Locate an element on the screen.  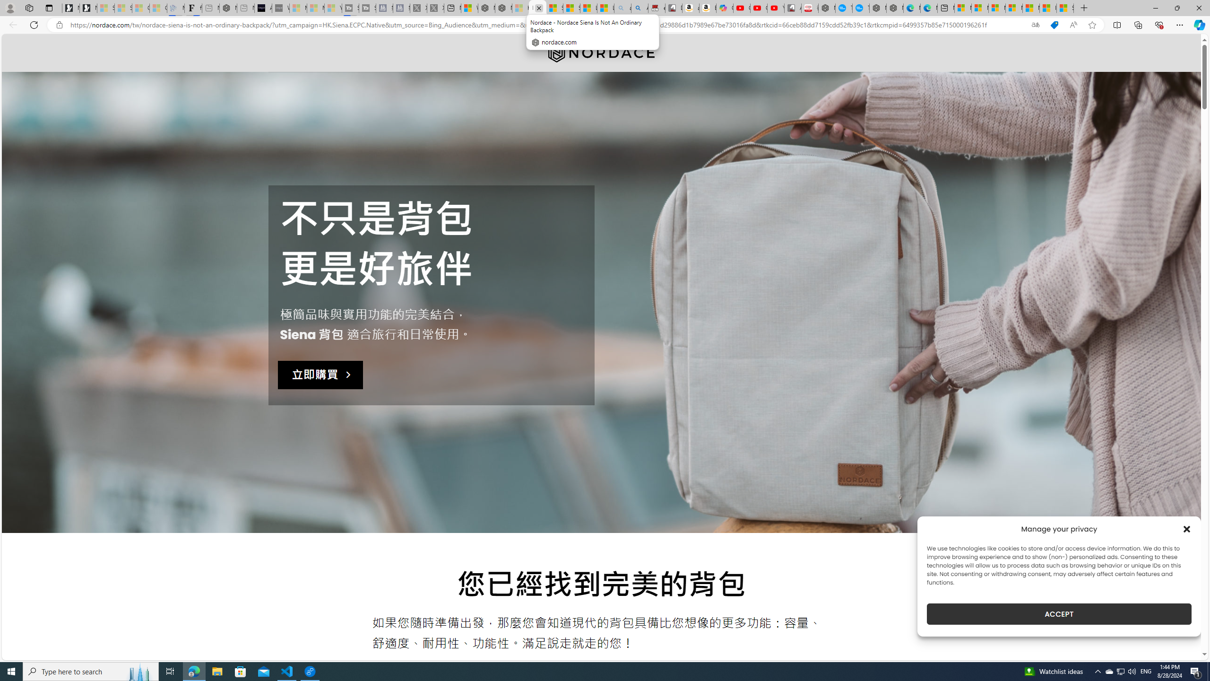
'Nordace - My Account' is located at coordinates (826, 8).